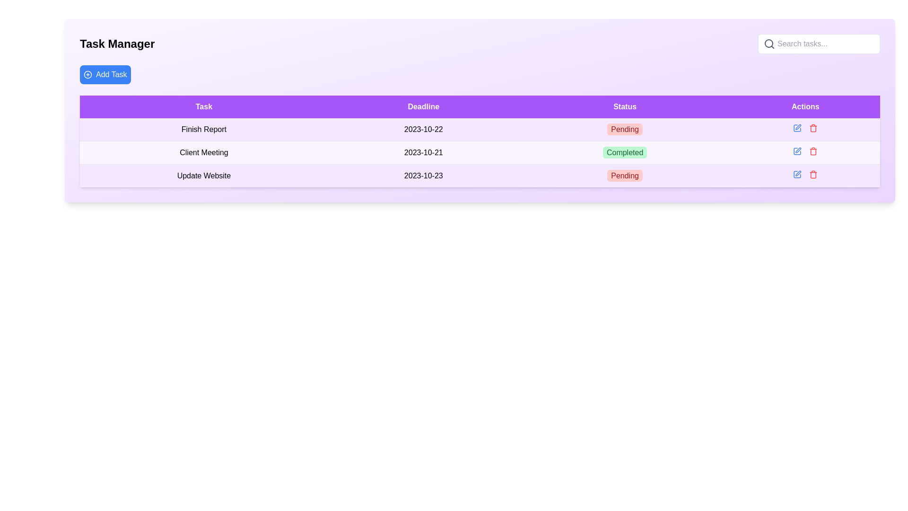 Image resolution: width=908 pixels, height=511 pixels. What do you see at coordinates (805, 106) in the screenshot?
I see `the Header Label with the word 'Actions', which has a violet background and white text, located at the top-right corner of the table layout` at bounding box center [805, 106].